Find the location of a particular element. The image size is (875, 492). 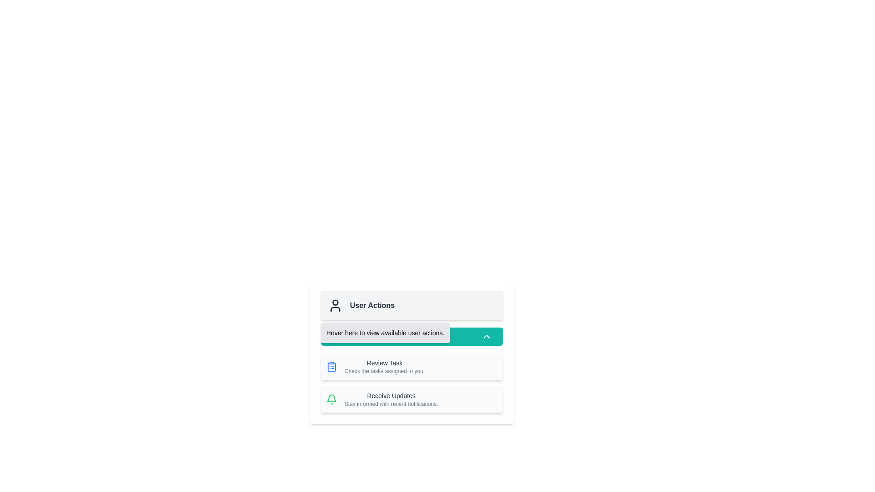

the text block that reads 'Review Task' in bold font, which is located in the second row of the 'User Actions' section, directly below a clipboard icon is located at coordinates (385, 366).